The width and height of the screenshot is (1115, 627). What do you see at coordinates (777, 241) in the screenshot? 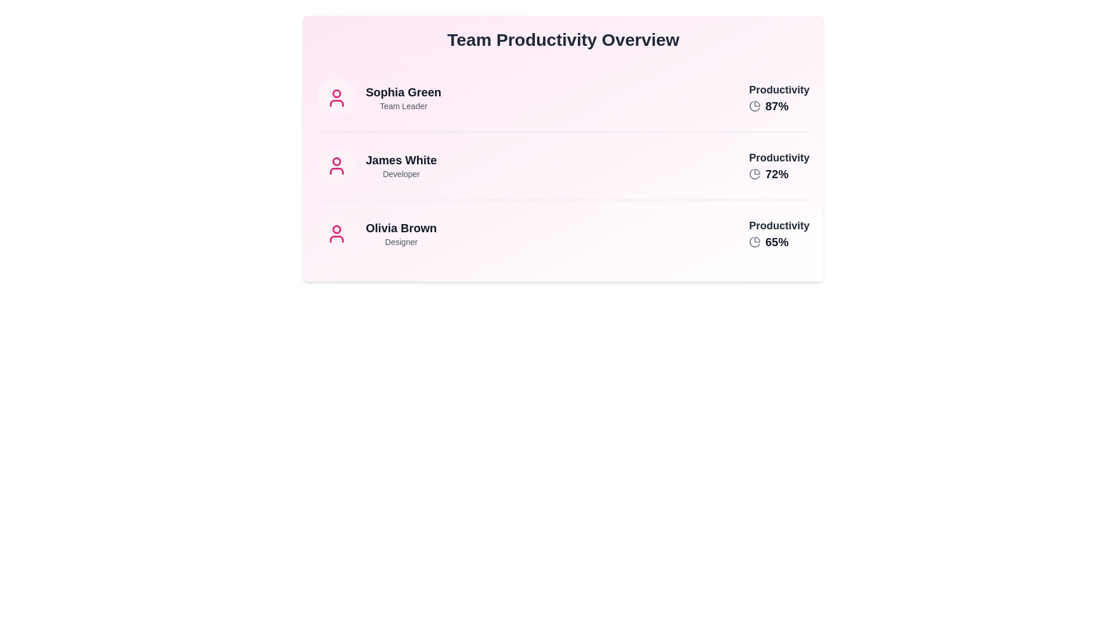
I see `the '65%' text display in the 'Productivity' column of the 'Team Productivity Overview' grid` at bounding box center [777, 241].